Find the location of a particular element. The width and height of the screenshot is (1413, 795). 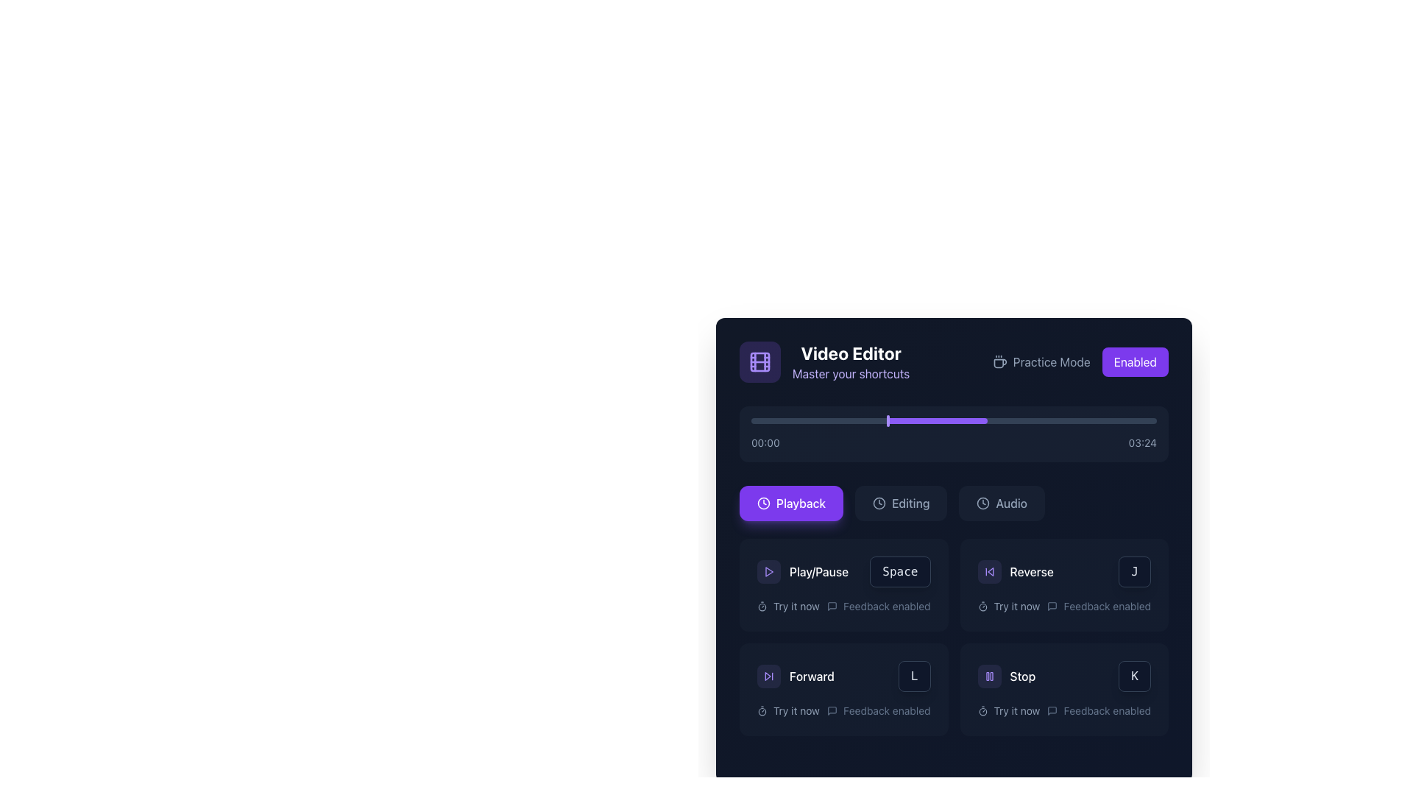

the text label indicating the total duration of the media file, located at the far-right side of the media control interface is located at coordinates (1141, 442).